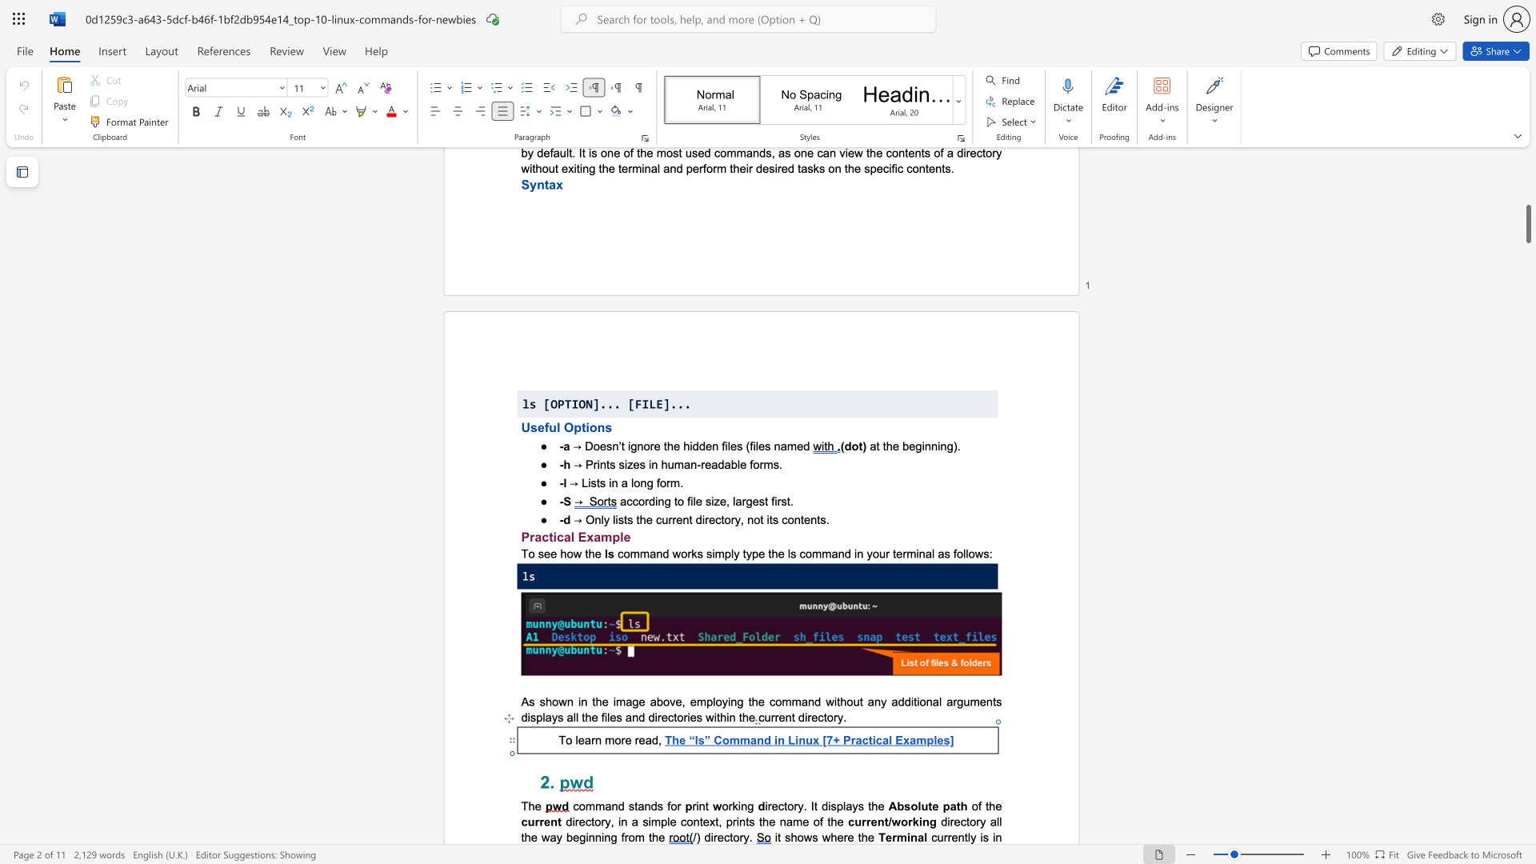 The image size is (1536, 864). I want to click on the 2th character "s" in the text, so click(814, 836).